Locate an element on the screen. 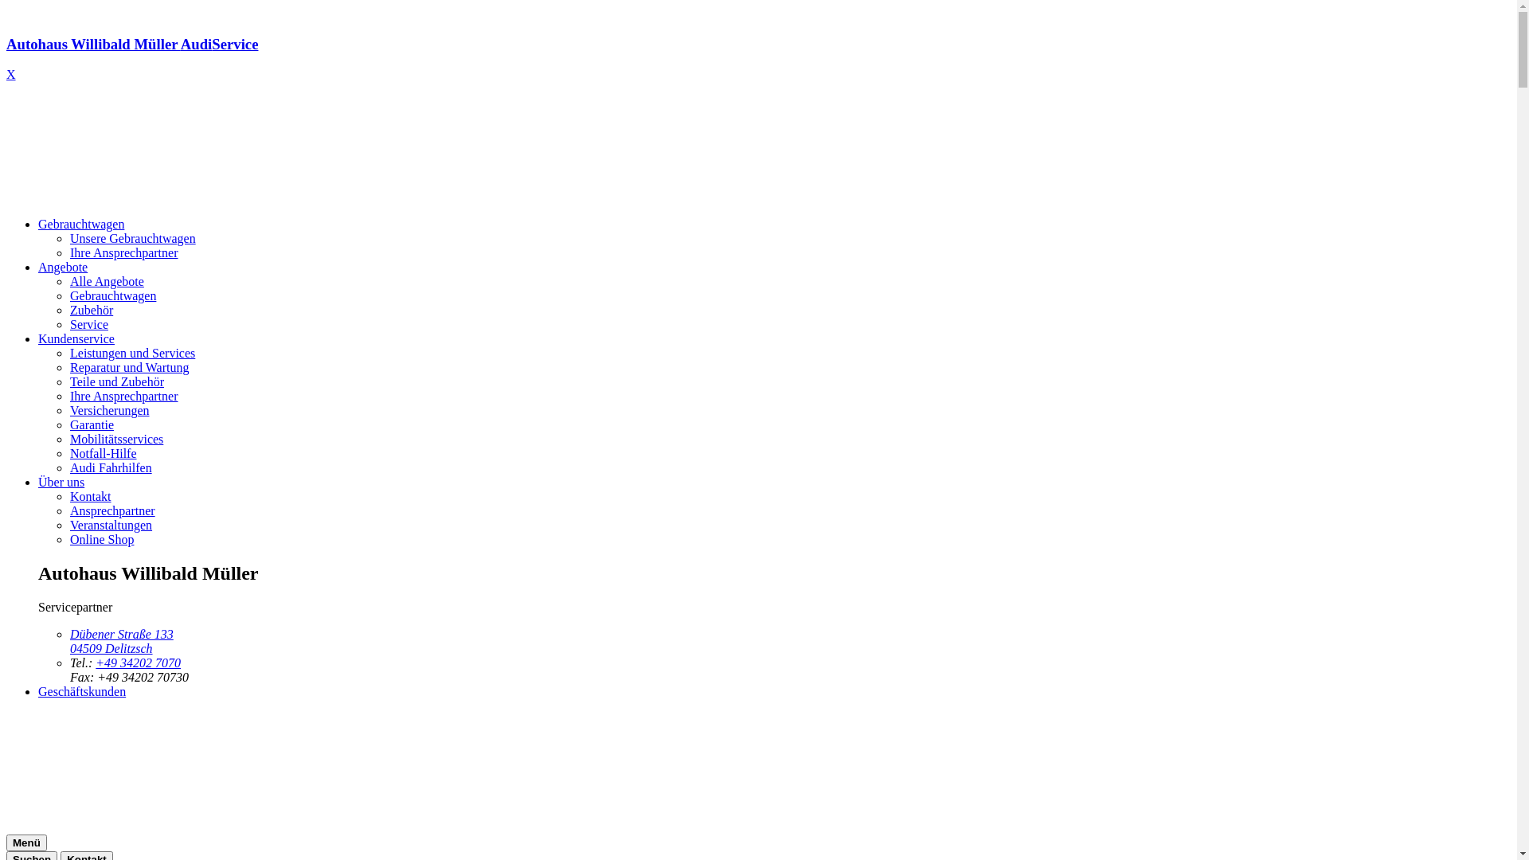 The width and height of the screenshot is (1529, 860). 'Ihre Ansprechpartner' is located at coordinates (123, 252).